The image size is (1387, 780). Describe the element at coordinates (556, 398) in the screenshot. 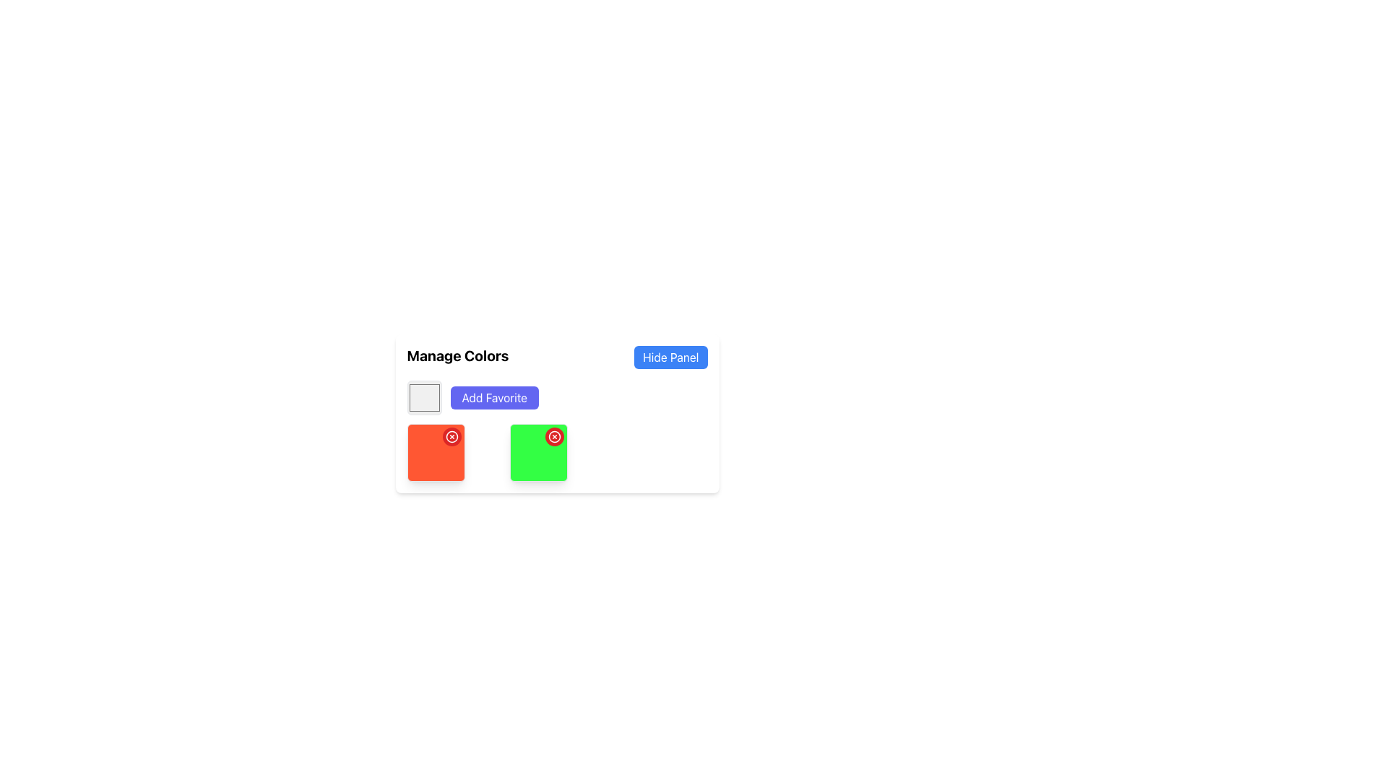

I see `the 'Add Favorite' button located to the right of the color preview box beneath the 'Manage Colors' title` at that location.